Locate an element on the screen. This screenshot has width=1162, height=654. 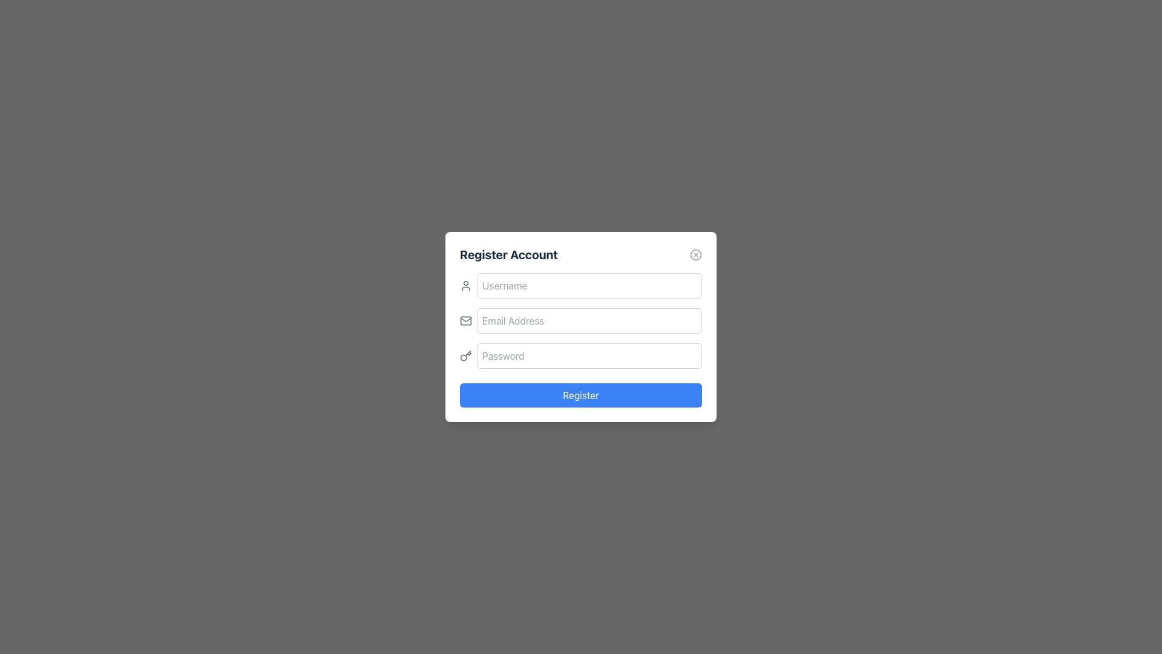
the key icon located to the left of the password input field, which is minimalistic with a hollow interior and gray color is located at coordinates (465, 355).